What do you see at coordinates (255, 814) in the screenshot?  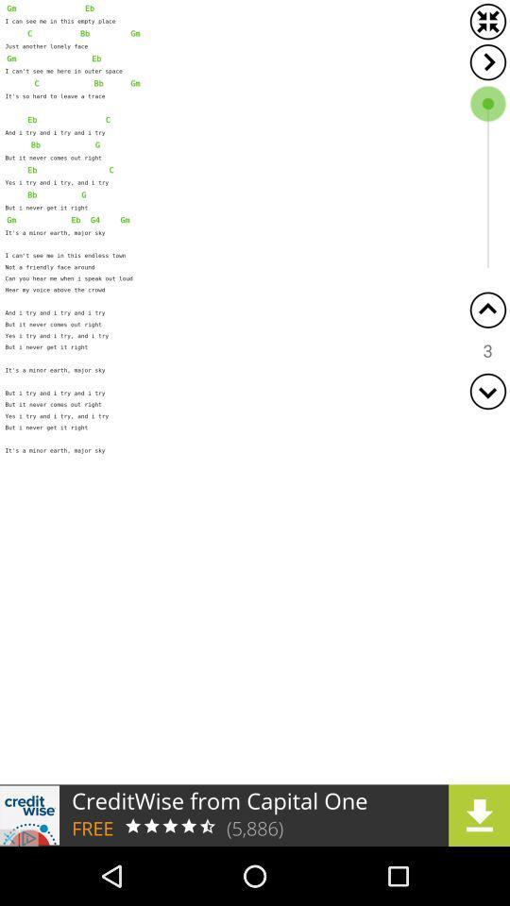 I see `advertisement` at bounding box center [255, 814].